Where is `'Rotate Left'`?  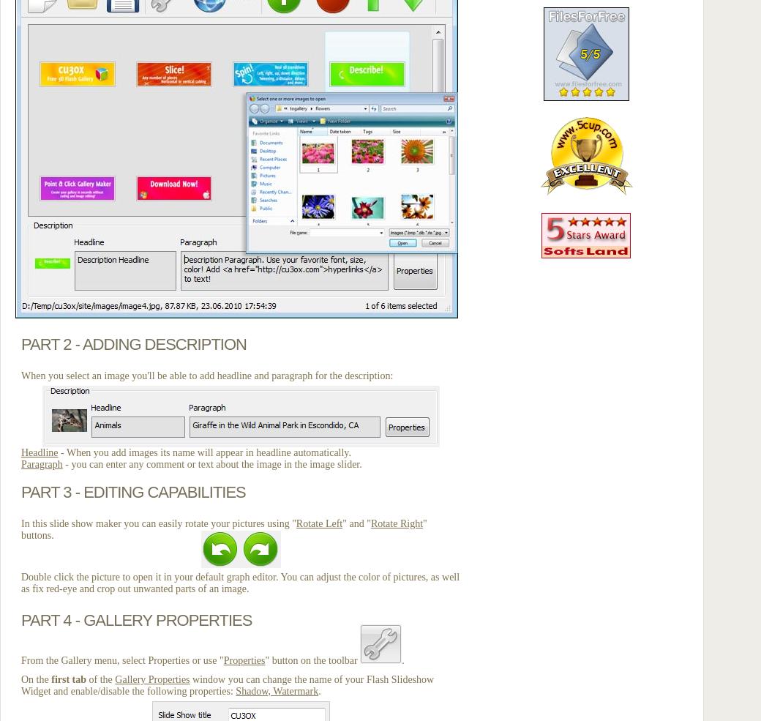
'Rotate Left' is located at coordinates (318, 523).